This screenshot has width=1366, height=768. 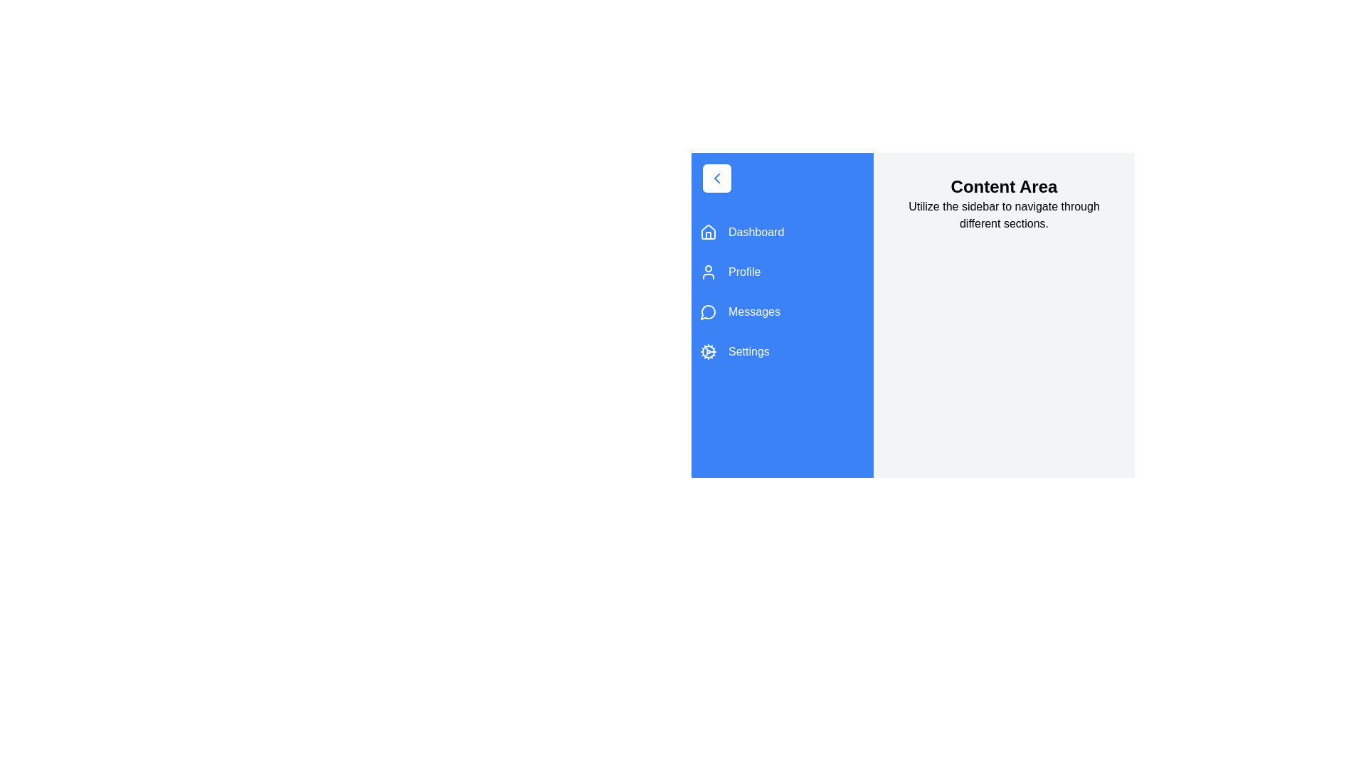 I want to click on the menu item labeled Settings, so click(x=781, y=351).